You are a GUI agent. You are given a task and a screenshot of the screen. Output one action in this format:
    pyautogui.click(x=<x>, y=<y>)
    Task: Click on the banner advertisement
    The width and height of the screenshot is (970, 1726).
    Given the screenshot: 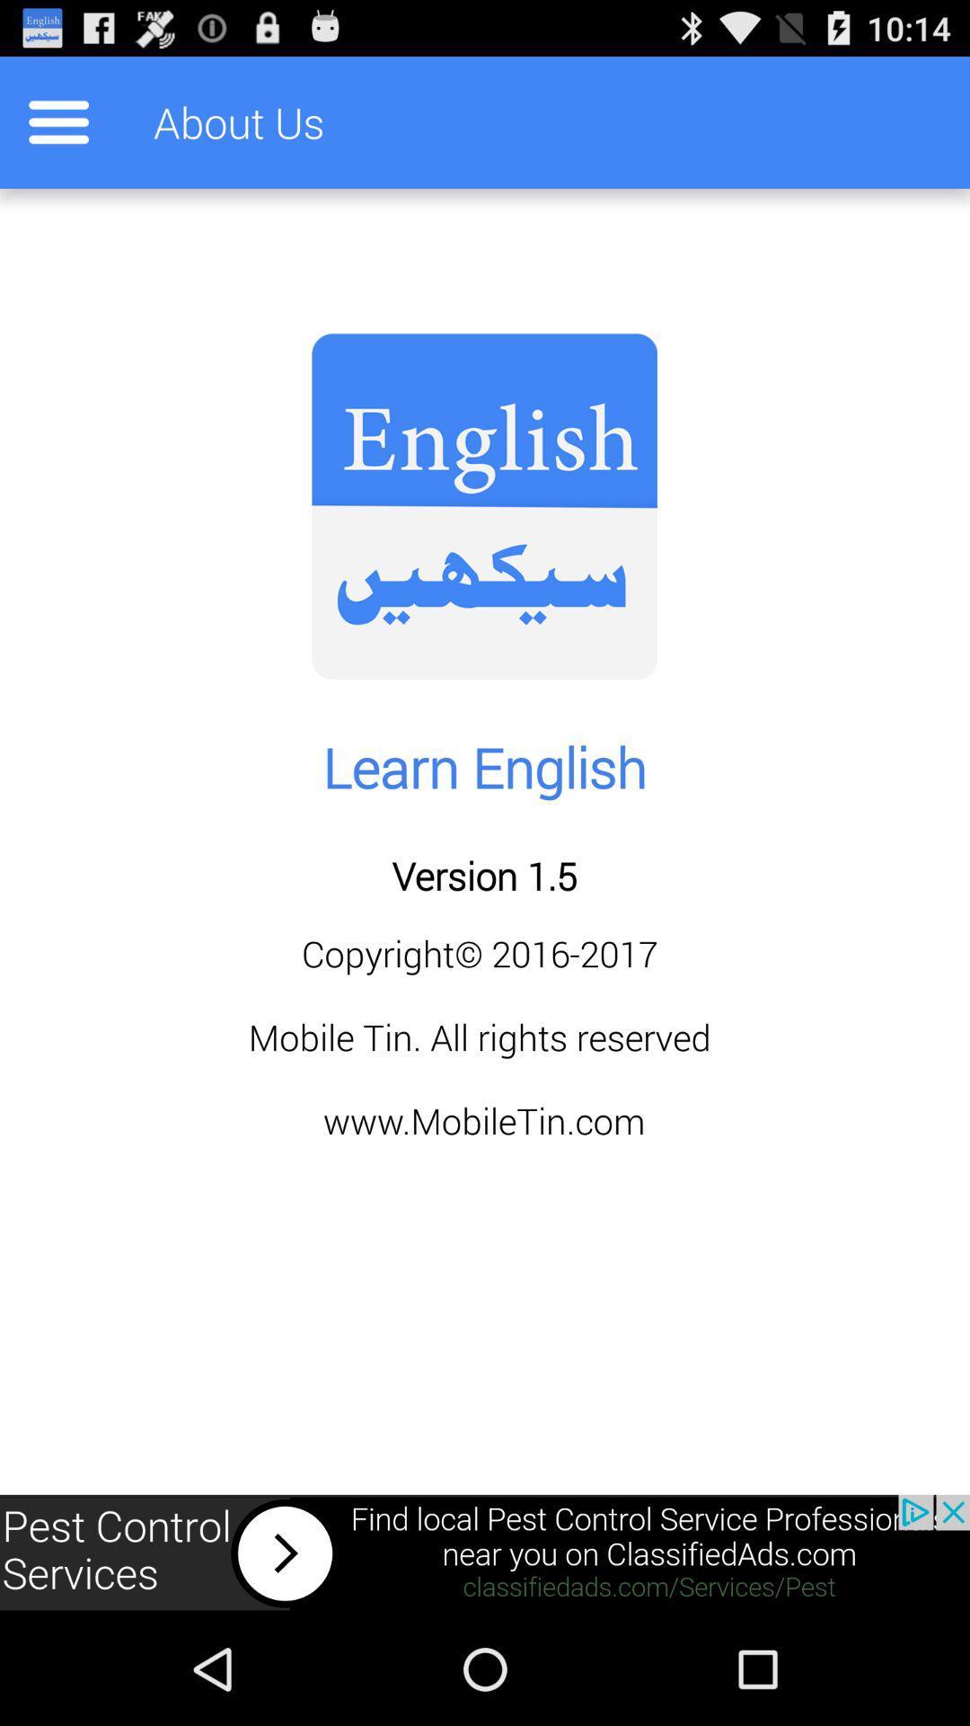 What is the action you would take?
    pyautogui.click(x=485, y=1553)
    